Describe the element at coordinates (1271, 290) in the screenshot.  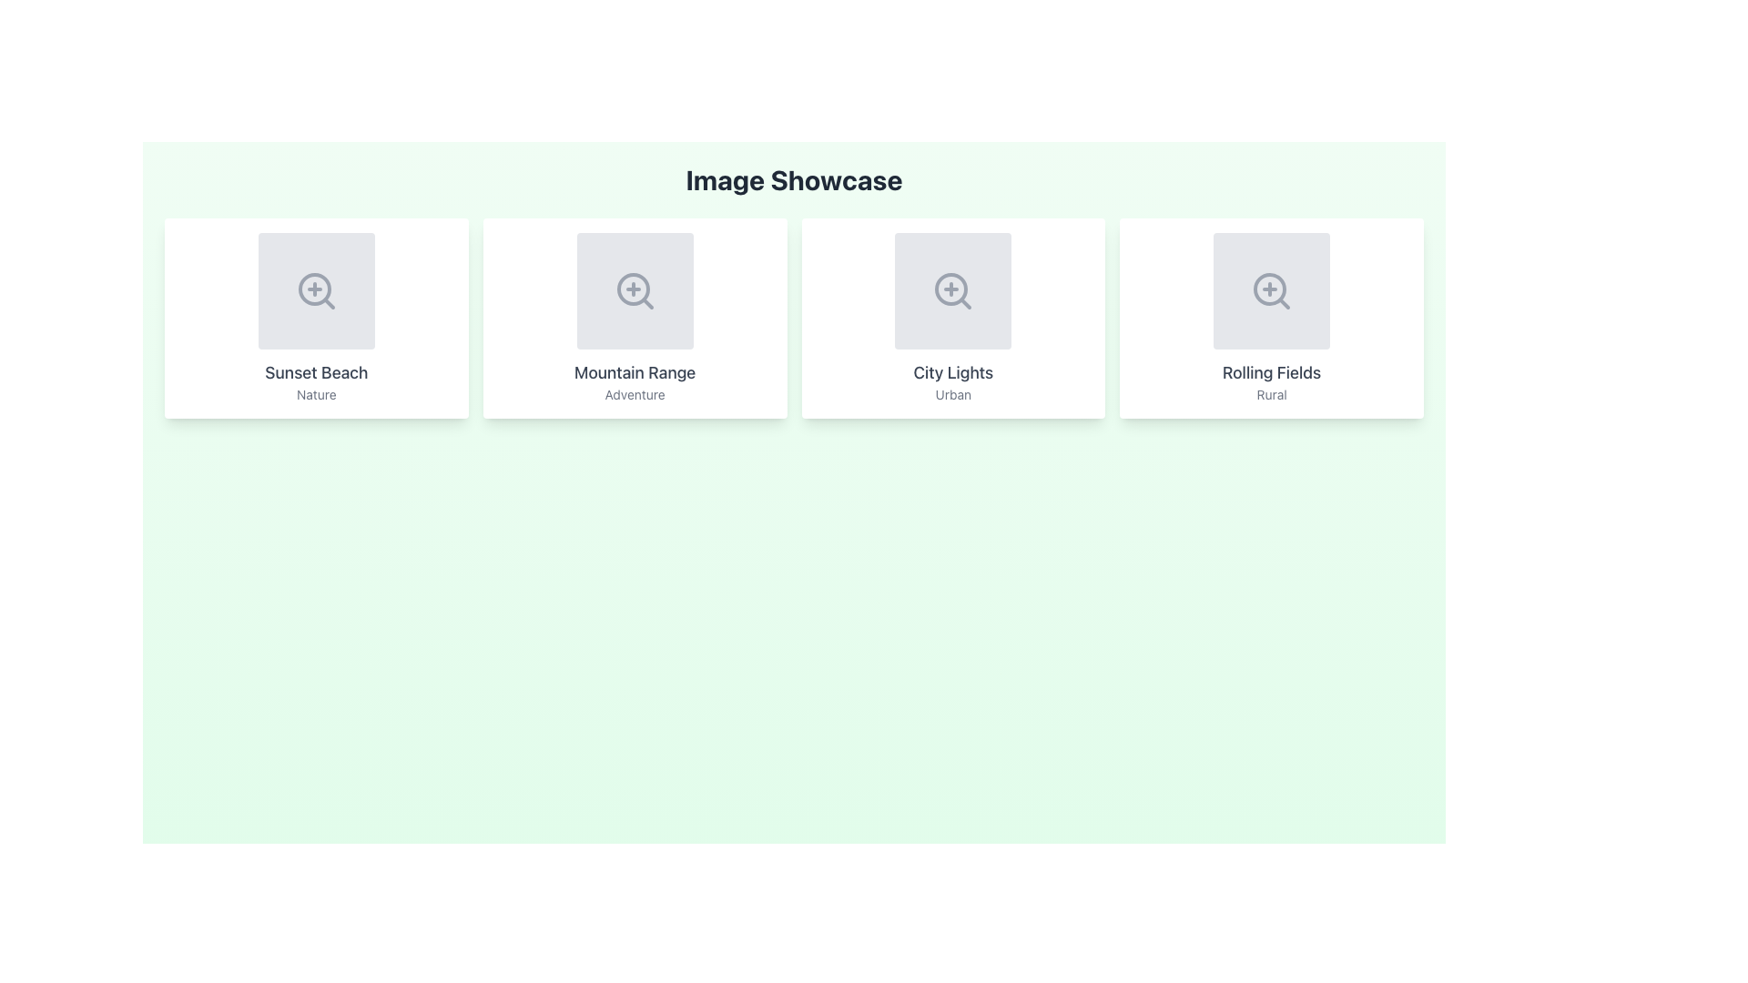
I see `the icon button featuring a magnifying glass with a plus symbol, located in the fourth card labeled 'Rolling Fields'` at that location.